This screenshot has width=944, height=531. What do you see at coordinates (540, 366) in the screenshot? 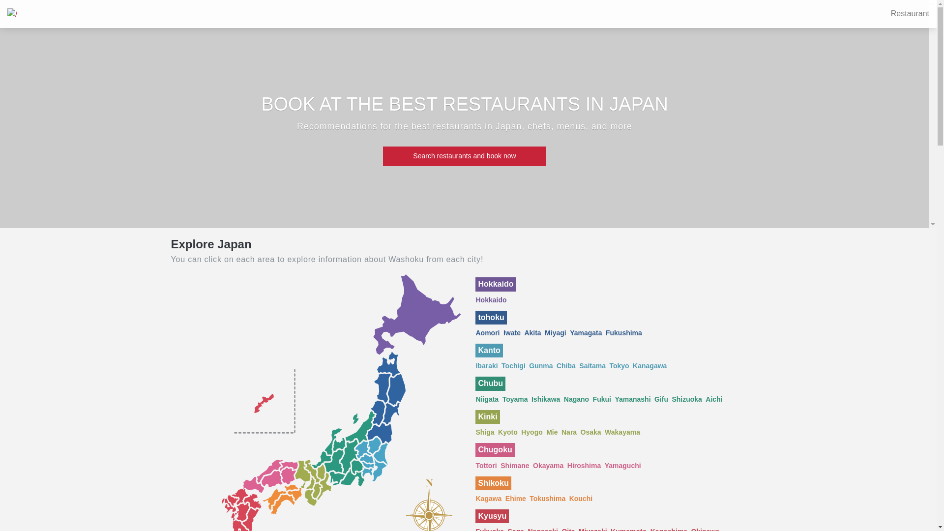
I see `'Gunma'` at bounding box center [540, 366].